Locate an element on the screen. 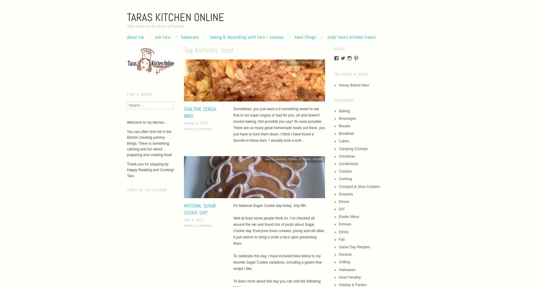 The width and height of the screenshot is (536, 287). 'Ethnic' is located at coordinates (343, 231).